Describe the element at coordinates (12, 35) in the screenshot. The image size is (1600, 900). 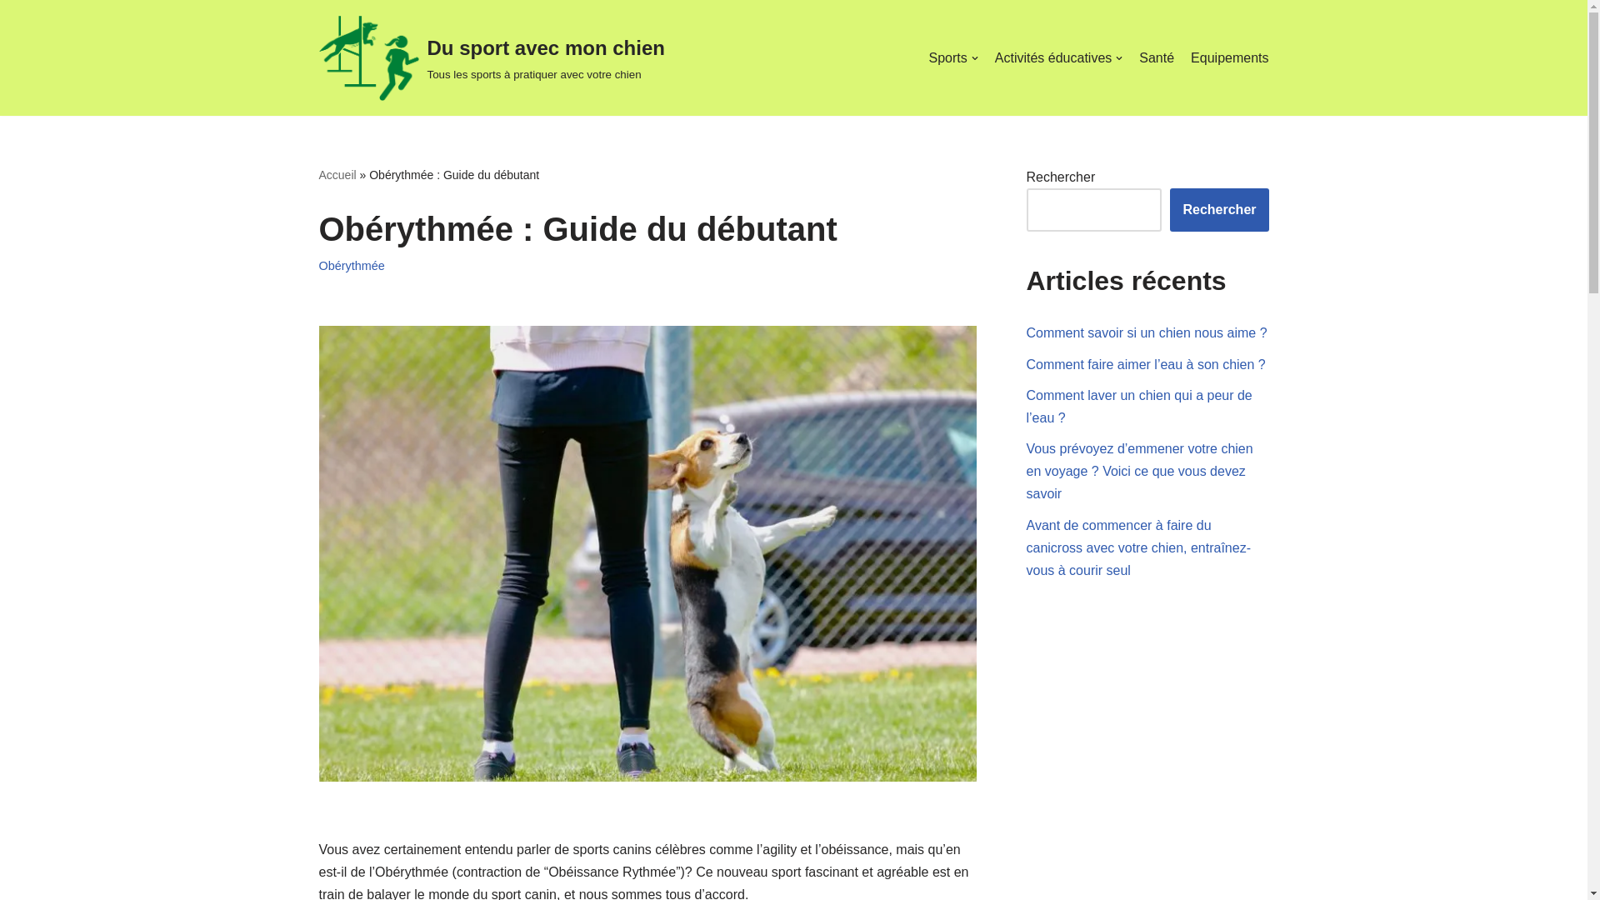
I see `'Aller au contenu'` at that location.